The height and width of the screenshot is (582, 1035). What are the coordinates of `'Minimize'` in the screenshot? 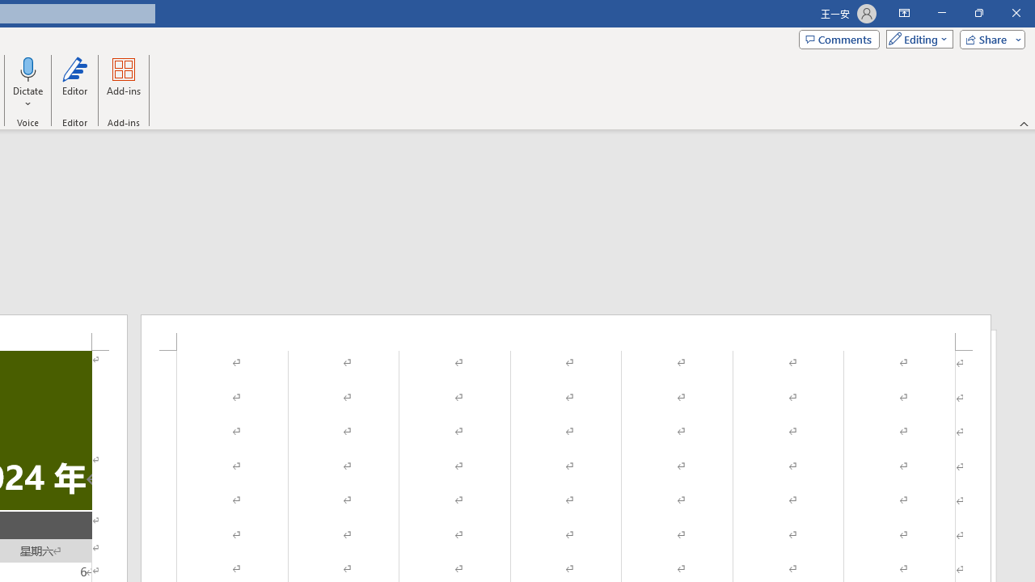 It's located at (941, 13).